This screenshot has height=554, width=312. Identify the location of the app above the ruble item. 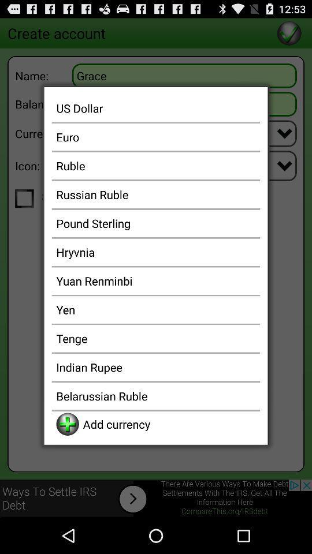
(156, 137).